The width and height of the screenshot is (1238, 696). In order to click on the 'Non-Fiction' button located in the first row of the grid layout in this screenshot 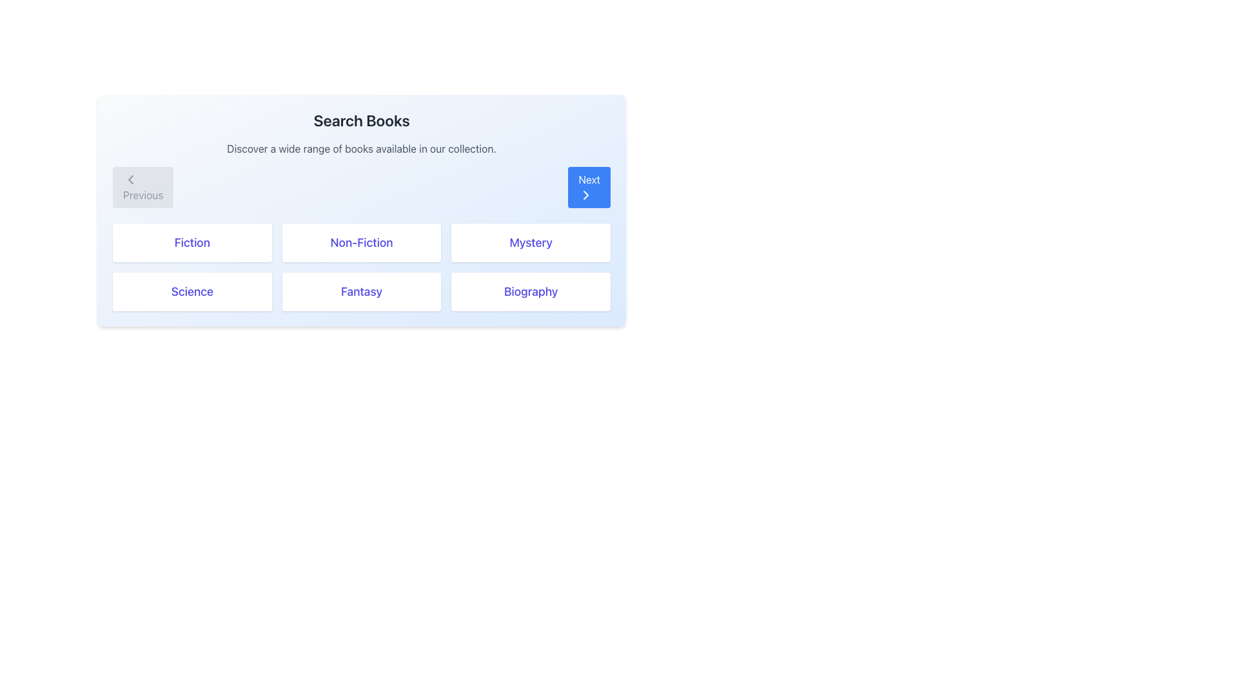, I will do `click(361, 243)`.